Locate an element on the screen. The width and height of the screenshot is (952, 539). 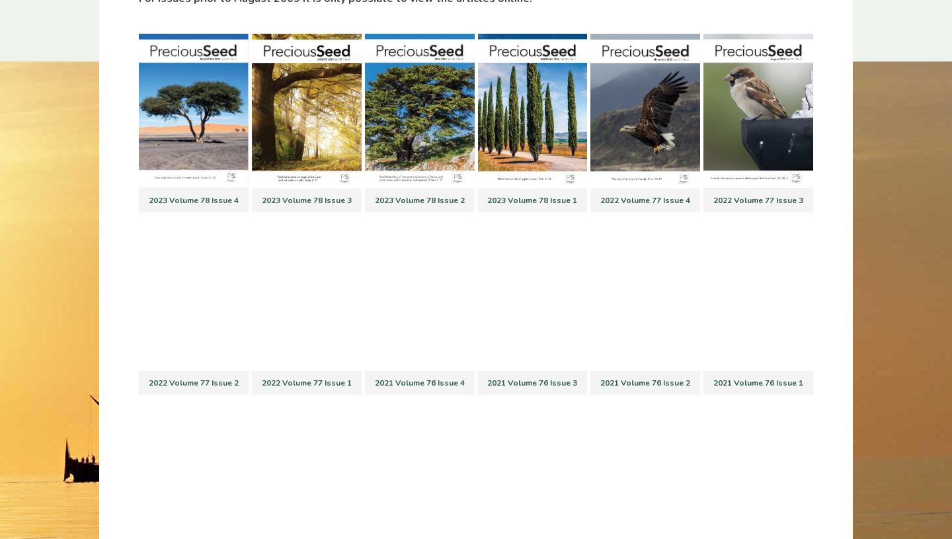
'Links' is located at coordinates (208, 301).